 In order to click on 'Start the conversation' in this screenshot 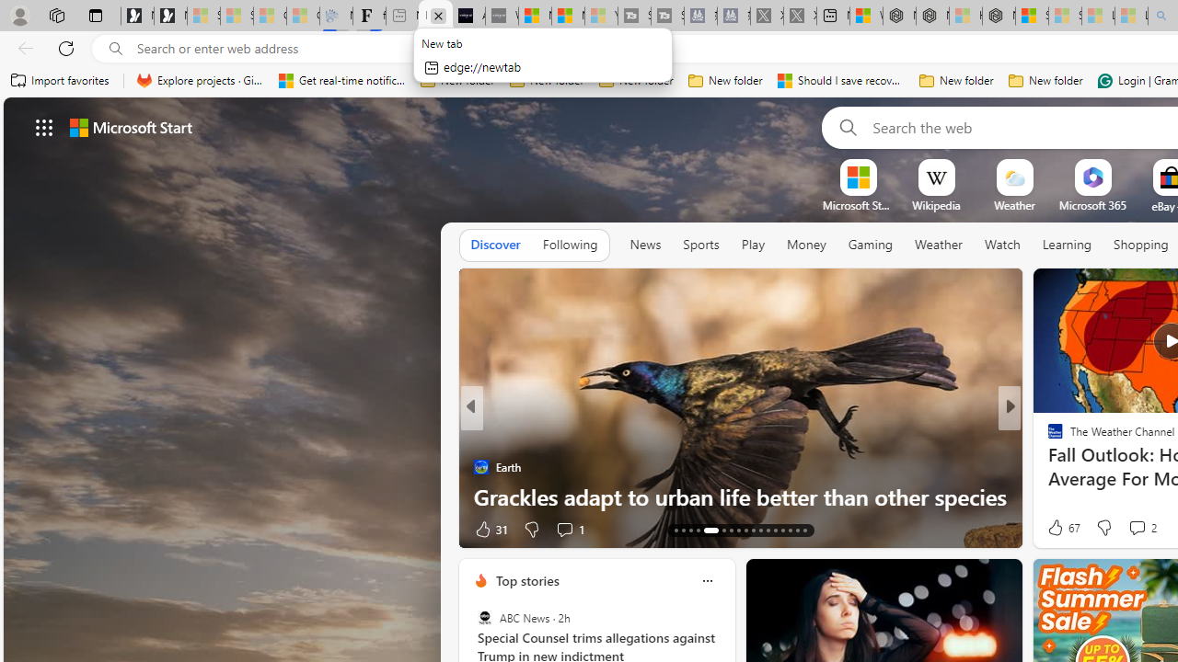, I will do `click(1136, 529)`.